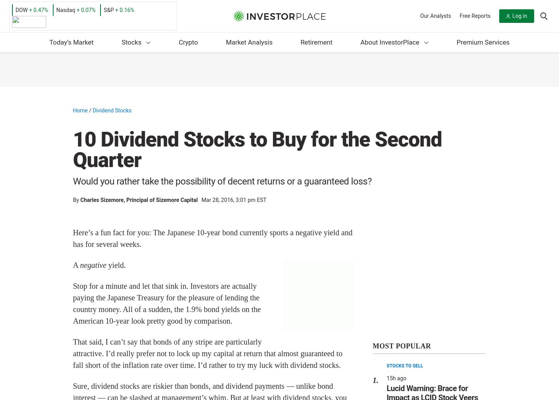 The image size is (559, 400). Describe the element at coordinates (73, 353) in the screenshot. I see `'That said, I can’t say that bonds of any stripe are particularly attractive. I’d really prefer not to lock up my capital at return that almost guaranteed to fall short of the inflation rate over time. I’d rather to try my luck with dividend stocks.'` at that location.